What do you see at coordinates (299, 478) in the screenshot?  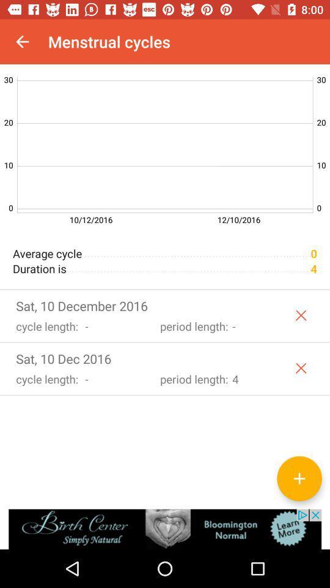 I see `the add icon` at bounding box center [299, 478].